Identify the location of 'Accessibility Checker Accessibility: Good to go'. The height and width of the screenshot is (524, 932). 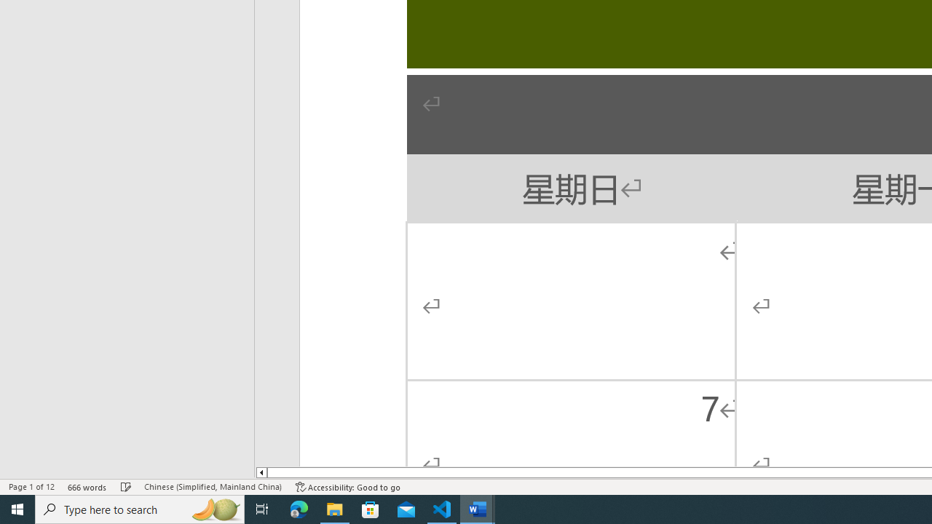
(347, 487).